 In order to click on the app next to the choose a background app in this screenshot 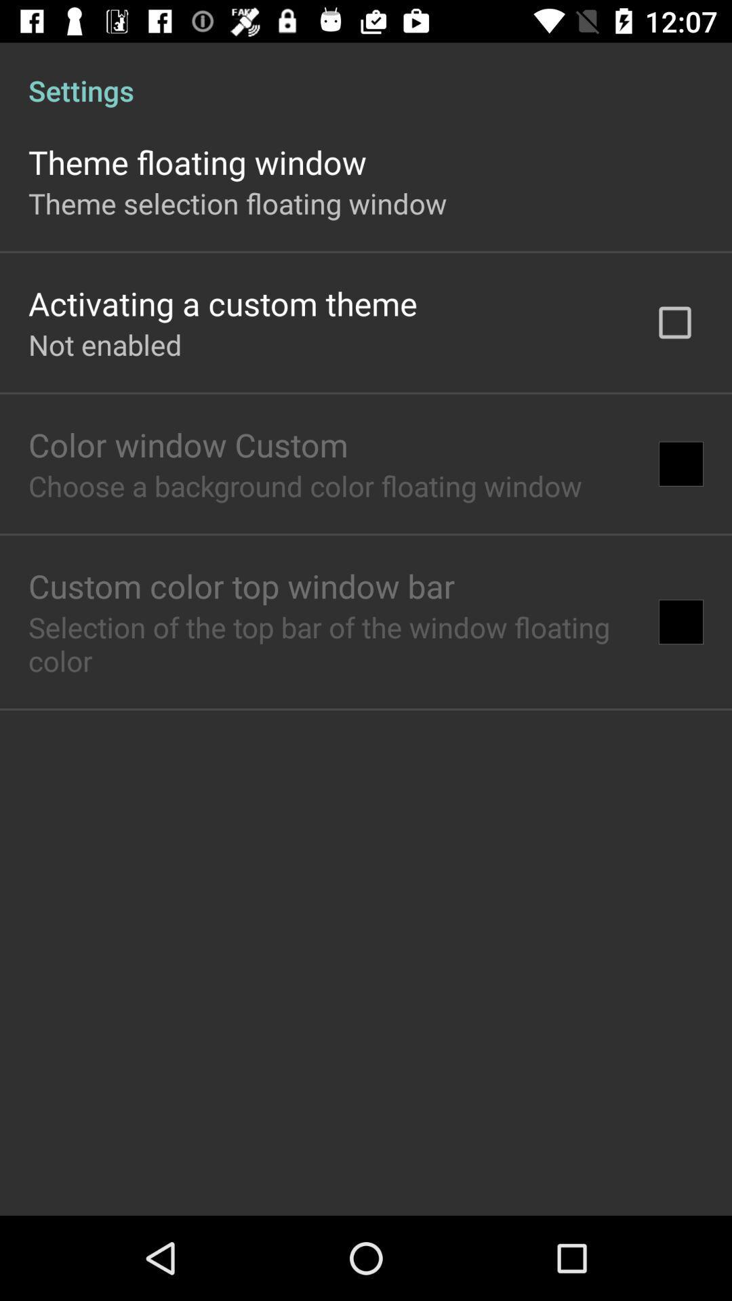, I will do `click(681, 463)`.